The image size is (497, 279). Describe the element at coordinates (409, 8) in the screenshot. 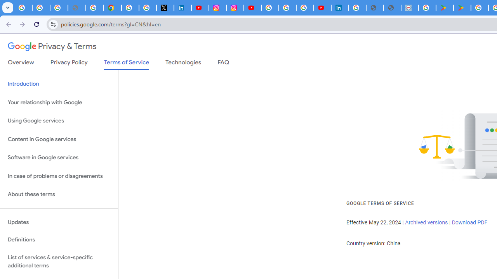

I see `'Data Privacy Framework'` at that location.